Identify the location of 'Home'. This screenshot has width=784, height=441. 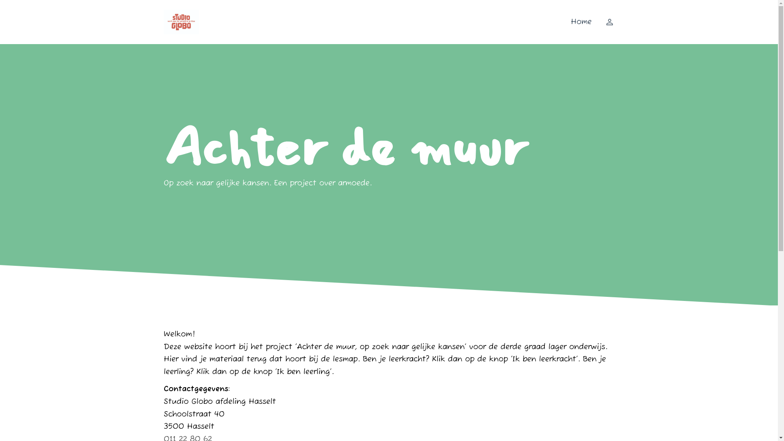
(581, 22).